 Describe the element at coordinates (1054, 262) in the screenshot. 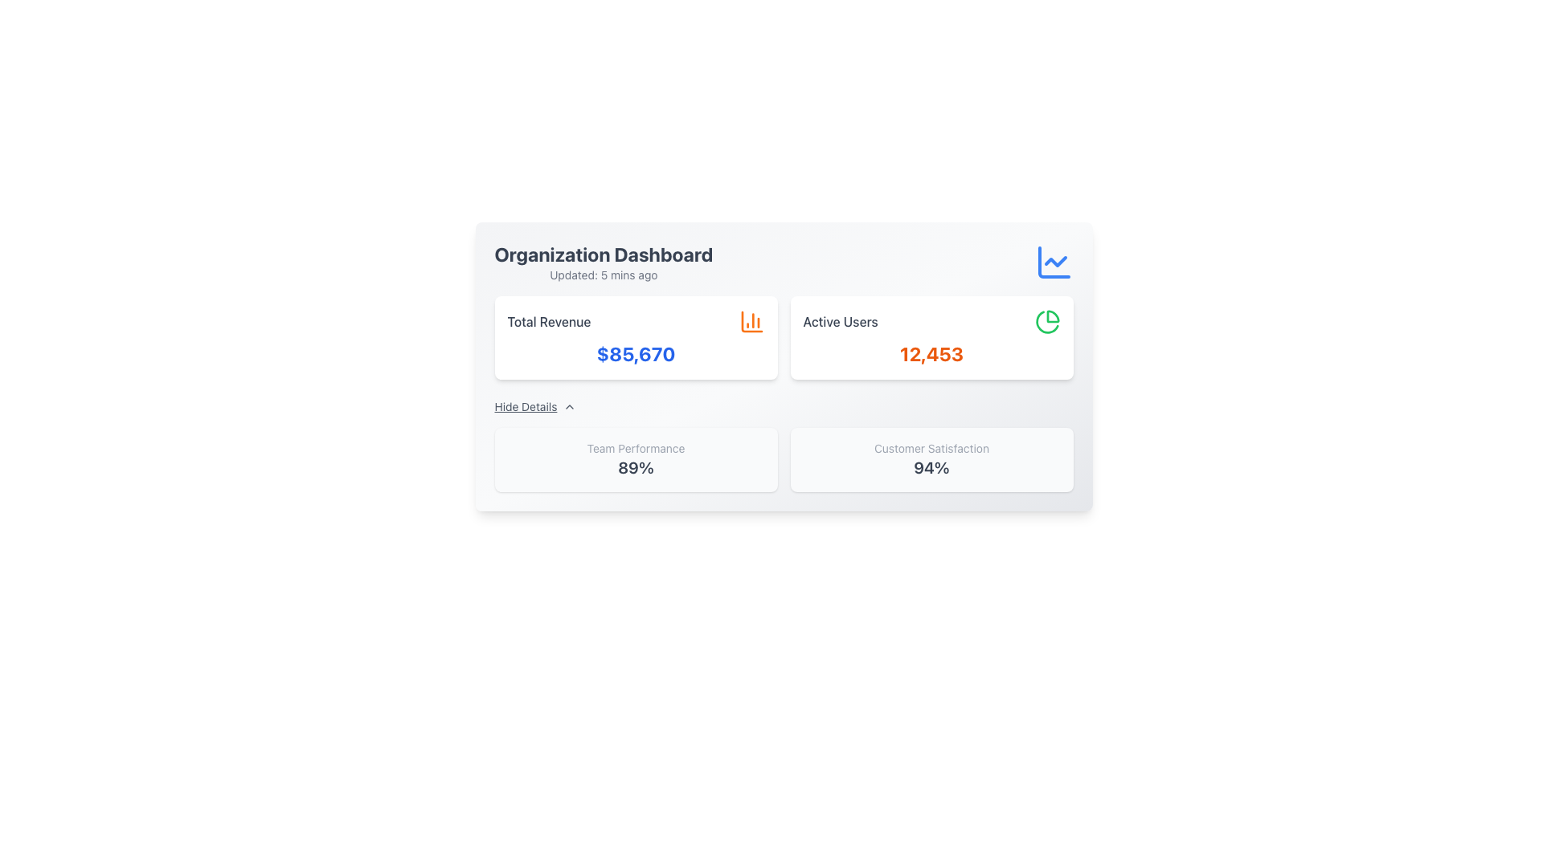

I see `the line chart icon in the top right corner of the 'Organization Dashboard' header` at that location.